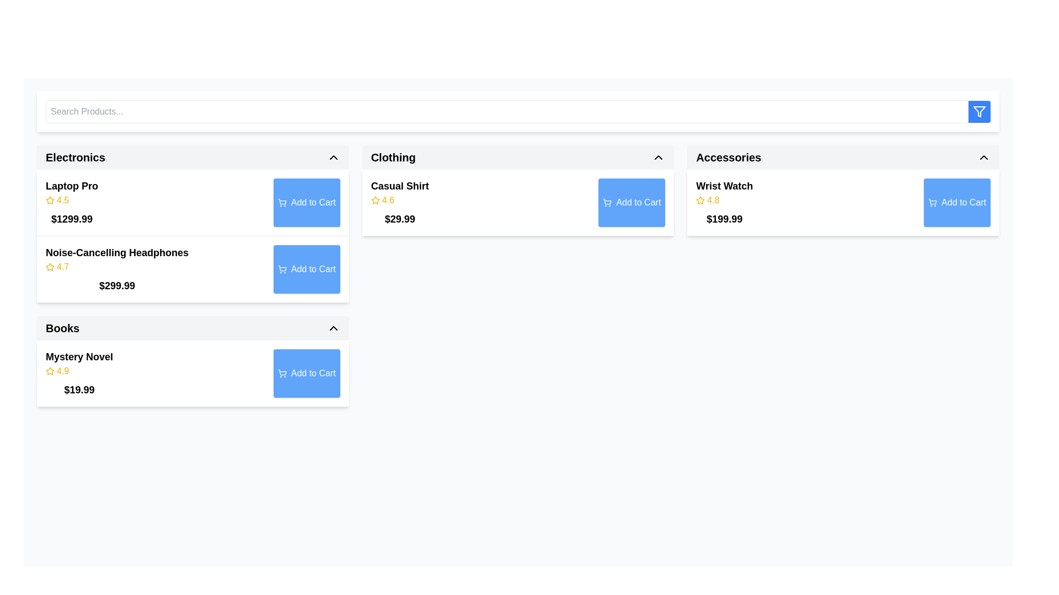  I want to click on price displayed in the text label located below the product name 'Casual Shirt' in the 'Clothing' section, so click(399, 219).